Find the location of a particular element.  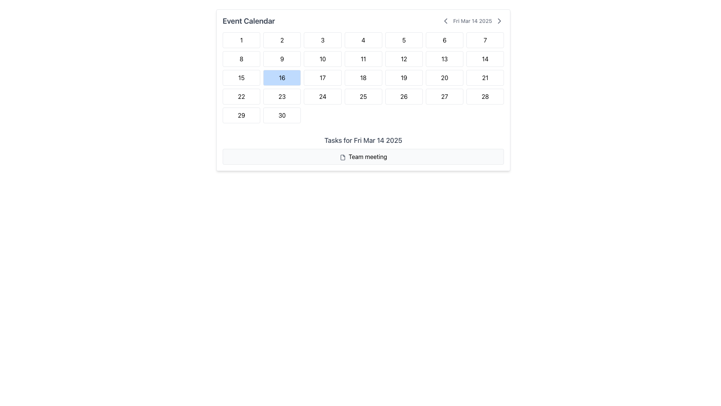

the rightward-pointing chevron button located immediately to the right of the date 'Fri Mar 14 2025' is located at coordinates (499, 21).